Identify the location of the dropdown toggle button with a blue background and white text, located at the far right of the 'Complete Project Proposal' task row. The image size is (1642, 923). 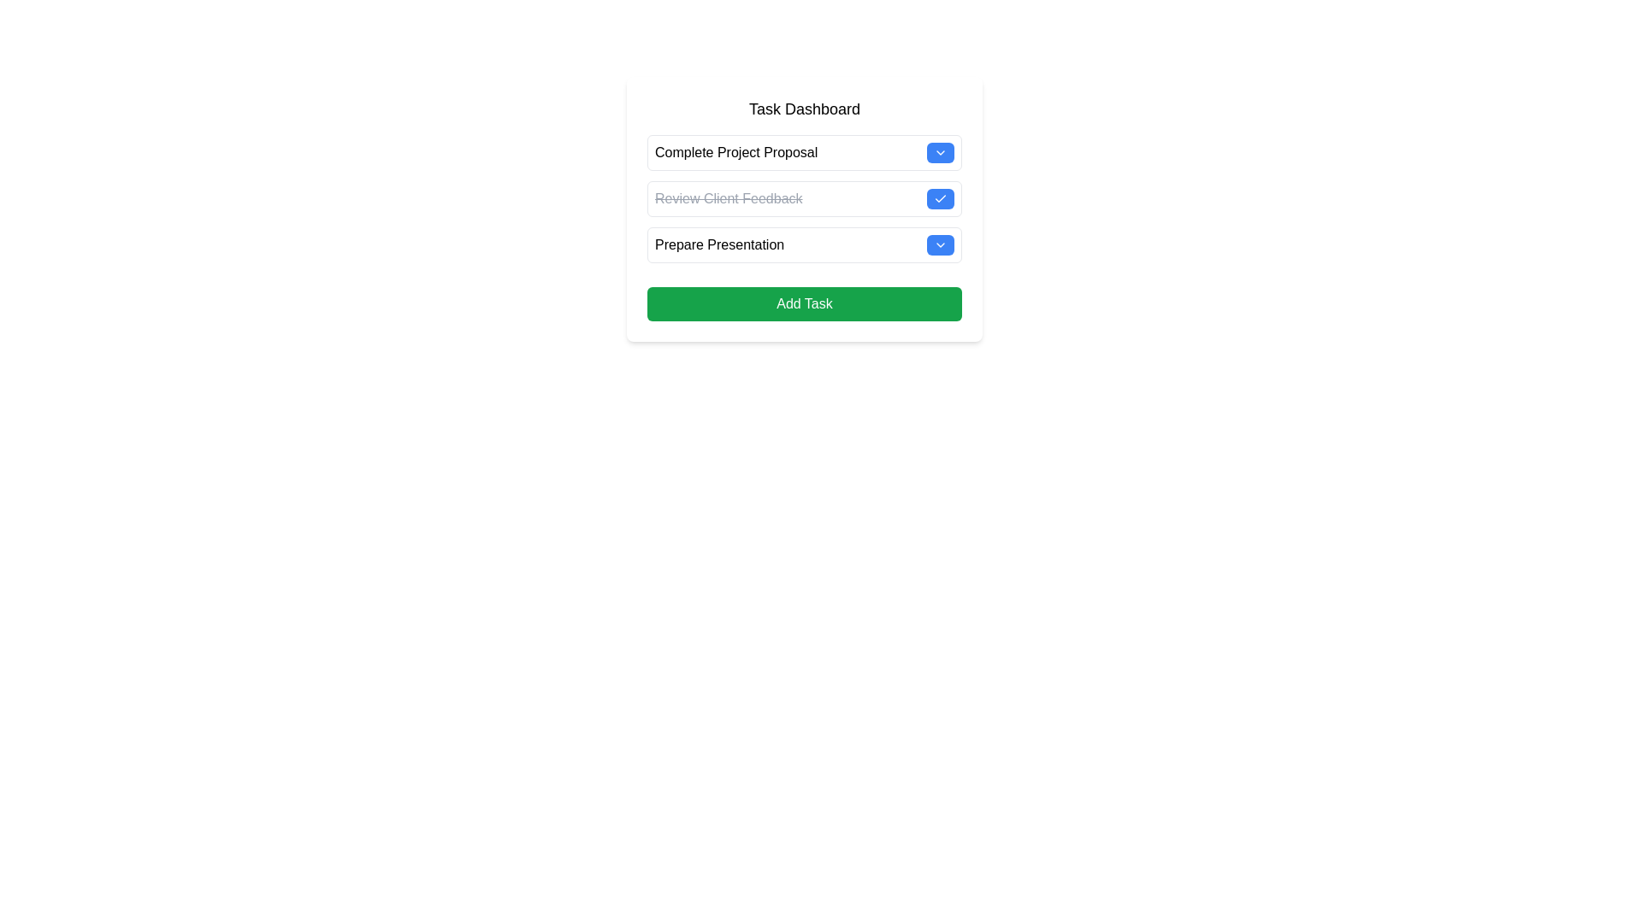
(939, 151).